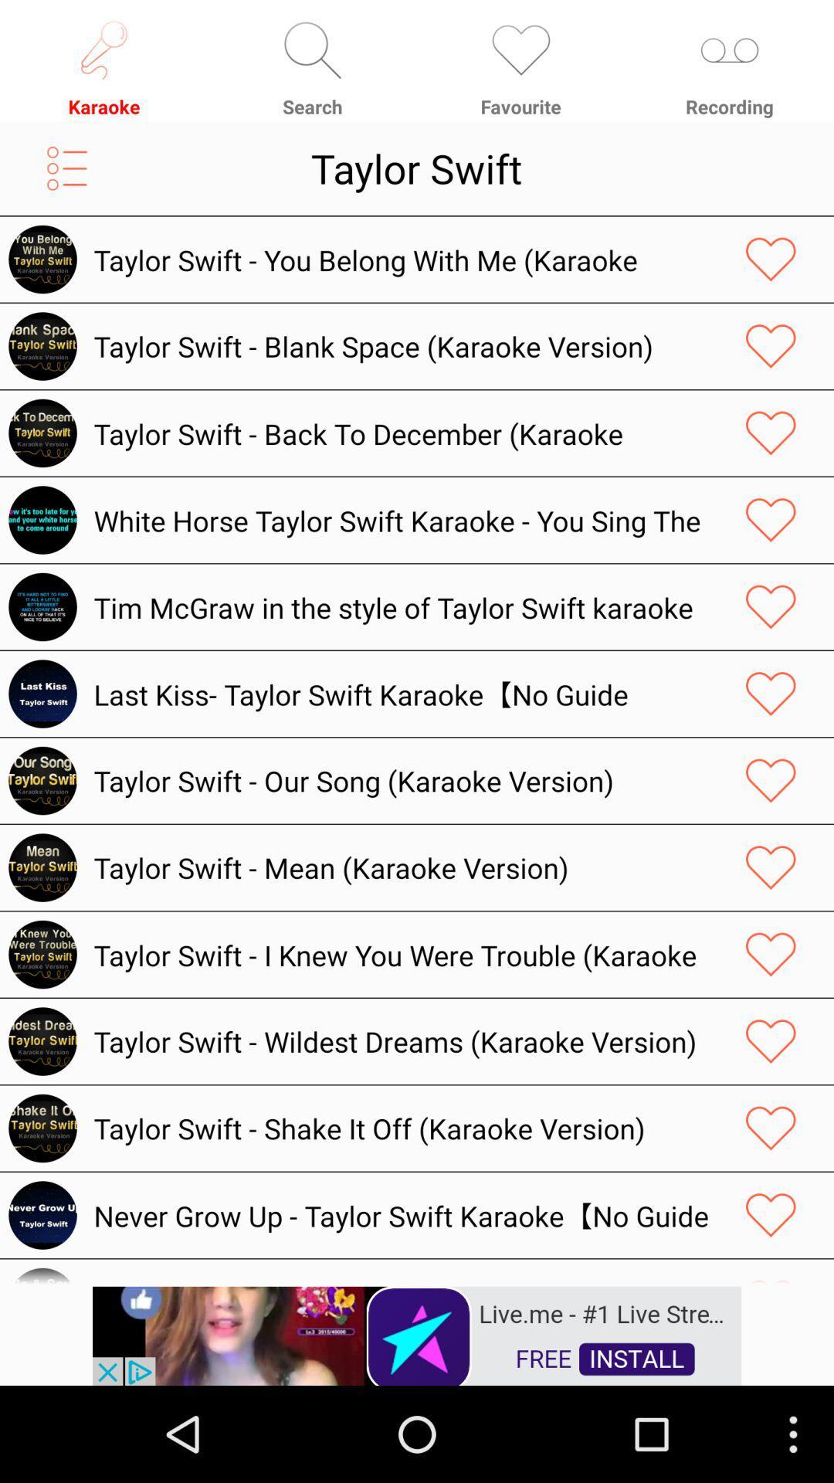 Image resolution: width=834 pixels, height=1483 pixels. What do you see at coordinates (771, 1128) in the screenshot?
I see `the song to your favorite list` at bounding box center [771, 1128].